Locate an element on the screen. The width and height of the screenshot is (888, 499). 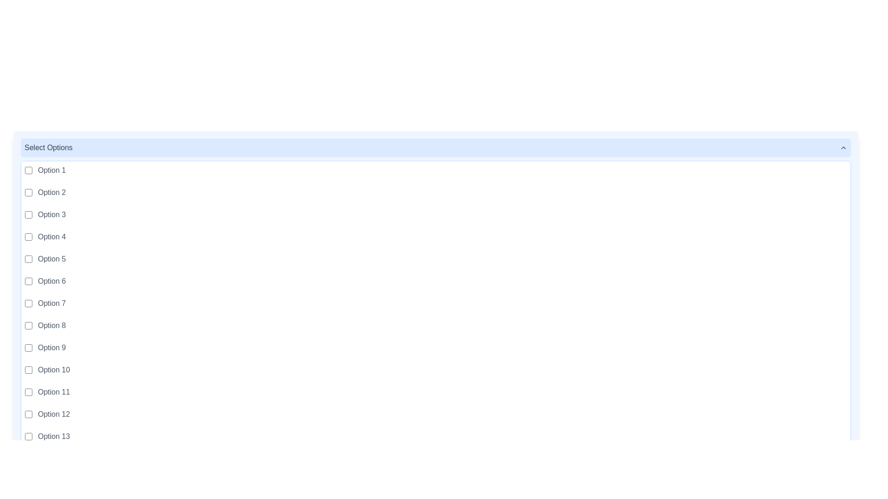
the checkbox for 'Option 8' is located at coordinates (29, 325).